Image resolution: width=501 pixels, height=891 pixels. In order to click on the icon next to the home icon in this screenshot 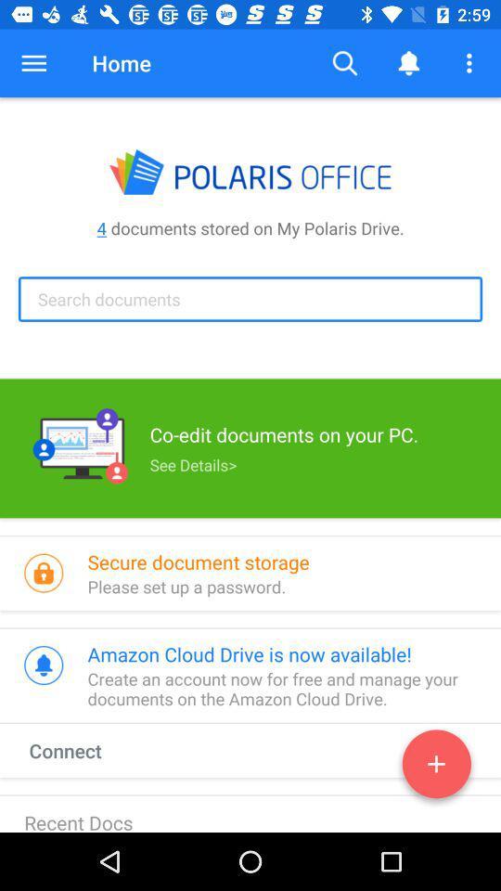, I will do `click(33, 63)`.